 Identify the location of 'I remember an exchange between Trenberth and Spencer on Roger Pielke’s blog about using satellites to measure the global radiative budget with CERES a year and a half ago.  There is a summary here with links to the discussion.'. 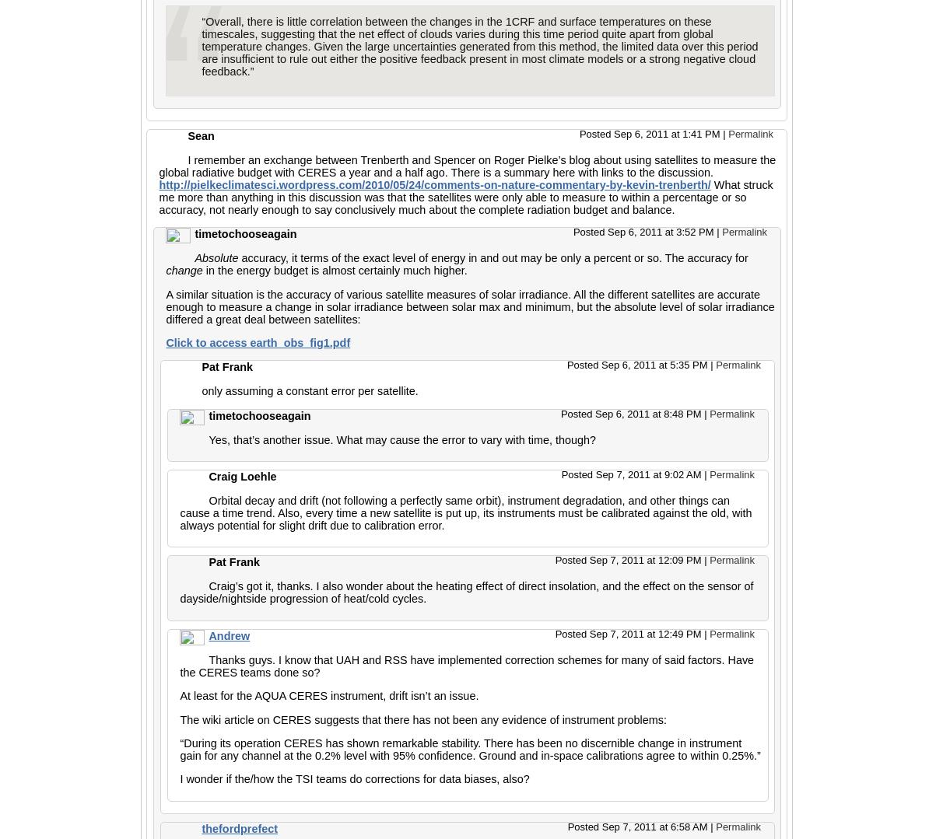
(467, 164).